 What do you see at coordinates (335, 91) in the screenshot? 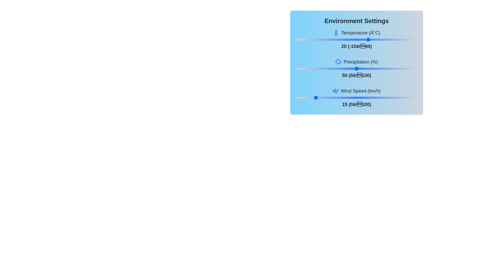
I see `the wind speed icon located to the left of the 'Wind Speed (km/h)' label in the lower part of the 'Environment Settings' card` at bounding box center [335, 91].